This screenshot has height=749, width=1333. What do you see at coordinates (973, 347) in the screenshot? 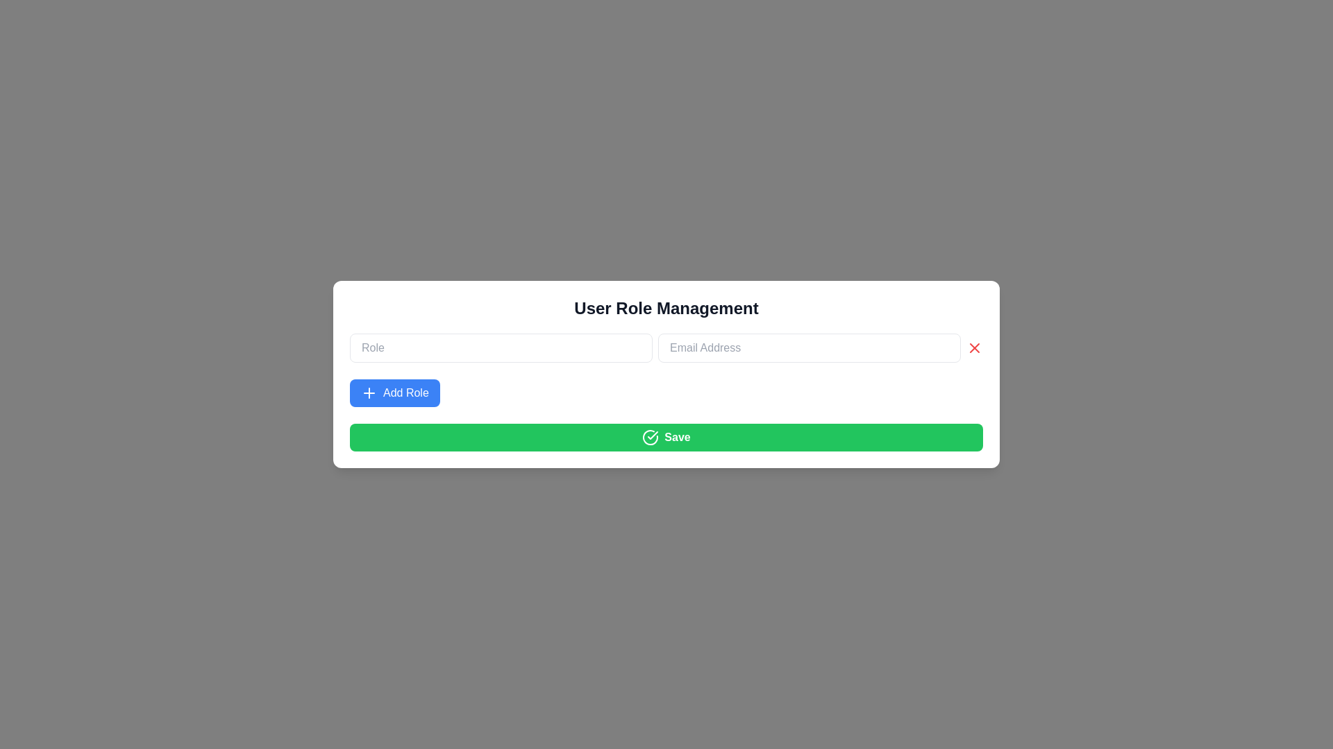
I see `the red delete button with a cross icon located to the far-right of the 'Email Address' input field` at bounding box center [973, 347].